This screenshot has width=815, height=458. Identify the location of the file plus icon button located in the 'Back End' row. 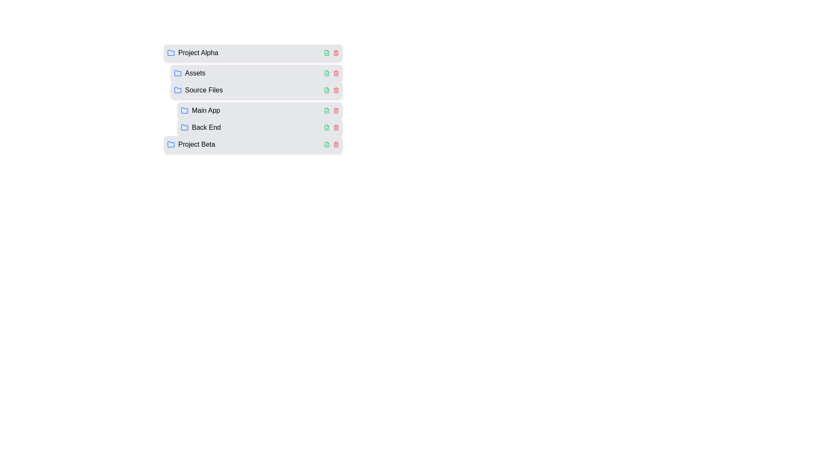
(326, 127).